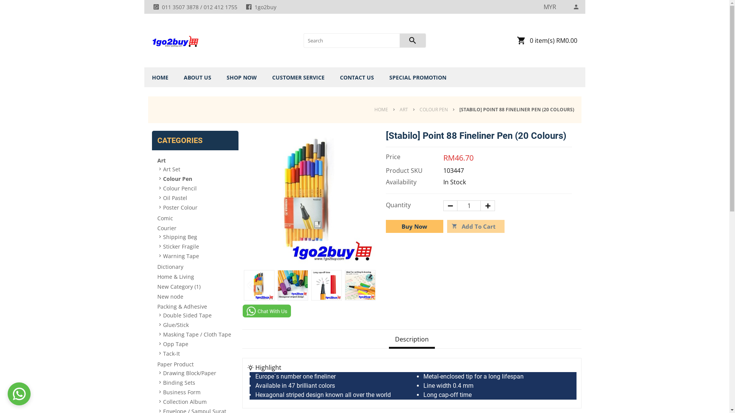  Describe the element at coordinates (198, 343) in the screenshot. I see `'Opp Tape'` at that location.